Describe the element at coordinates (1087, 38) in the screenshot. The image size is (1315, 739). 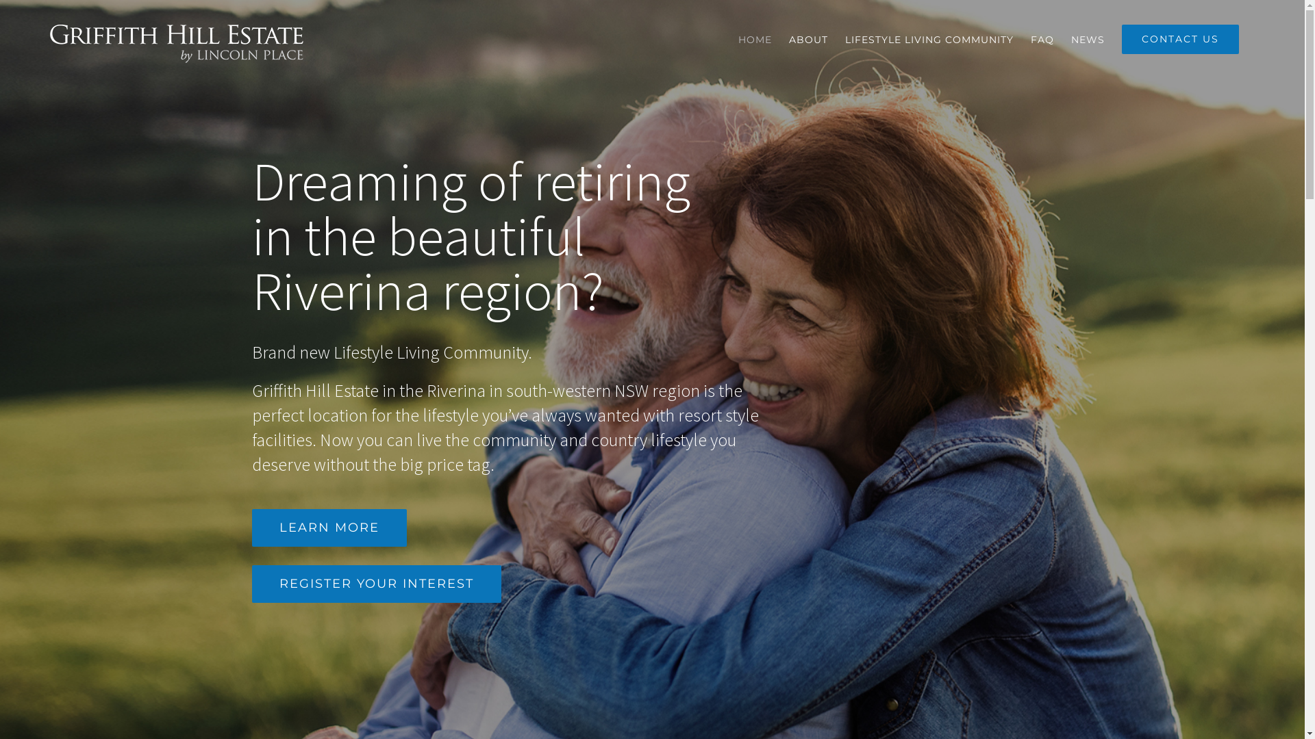
I see `'NEWS'` at that location.